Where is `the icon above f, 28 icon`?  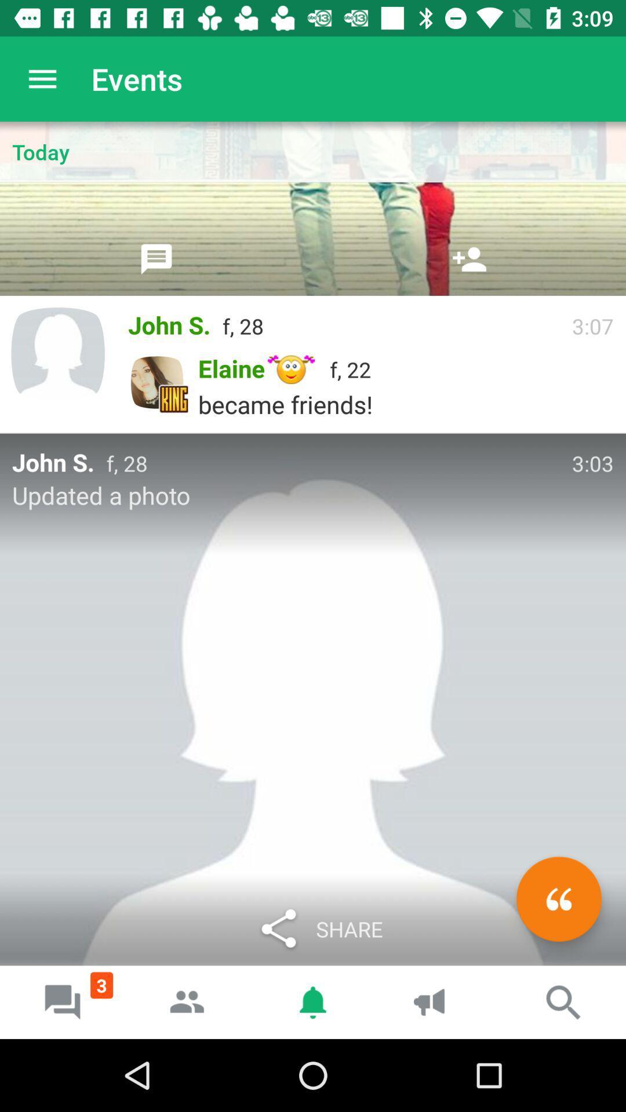
the icon above f, 28 icon is located at coordinates (469, 258).